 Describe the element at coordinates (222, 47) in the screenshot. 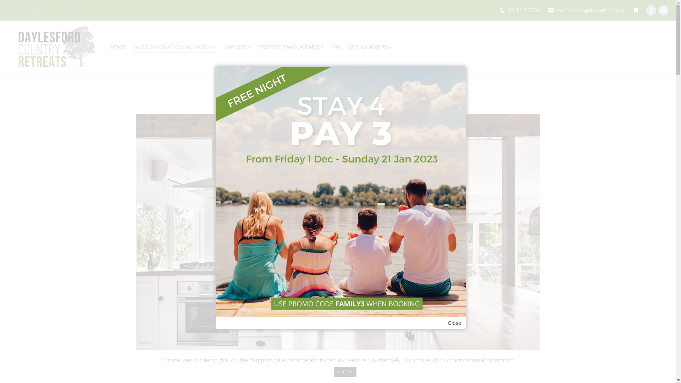

I see `'EXPLORE'` at that location.